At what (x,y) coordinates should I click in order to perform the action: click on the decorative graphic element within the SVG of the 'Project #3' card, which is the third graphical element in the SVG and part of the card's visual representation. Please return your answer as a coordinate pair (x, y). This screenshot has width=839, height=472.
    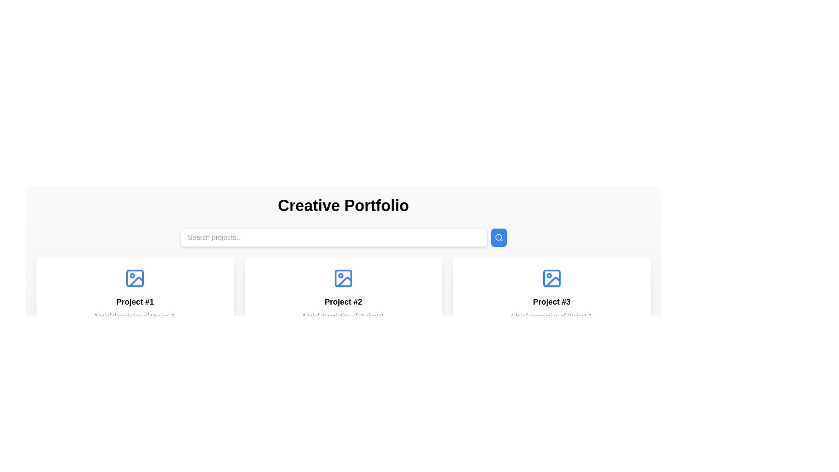
    Looking at the image, I should click on (552, 282).